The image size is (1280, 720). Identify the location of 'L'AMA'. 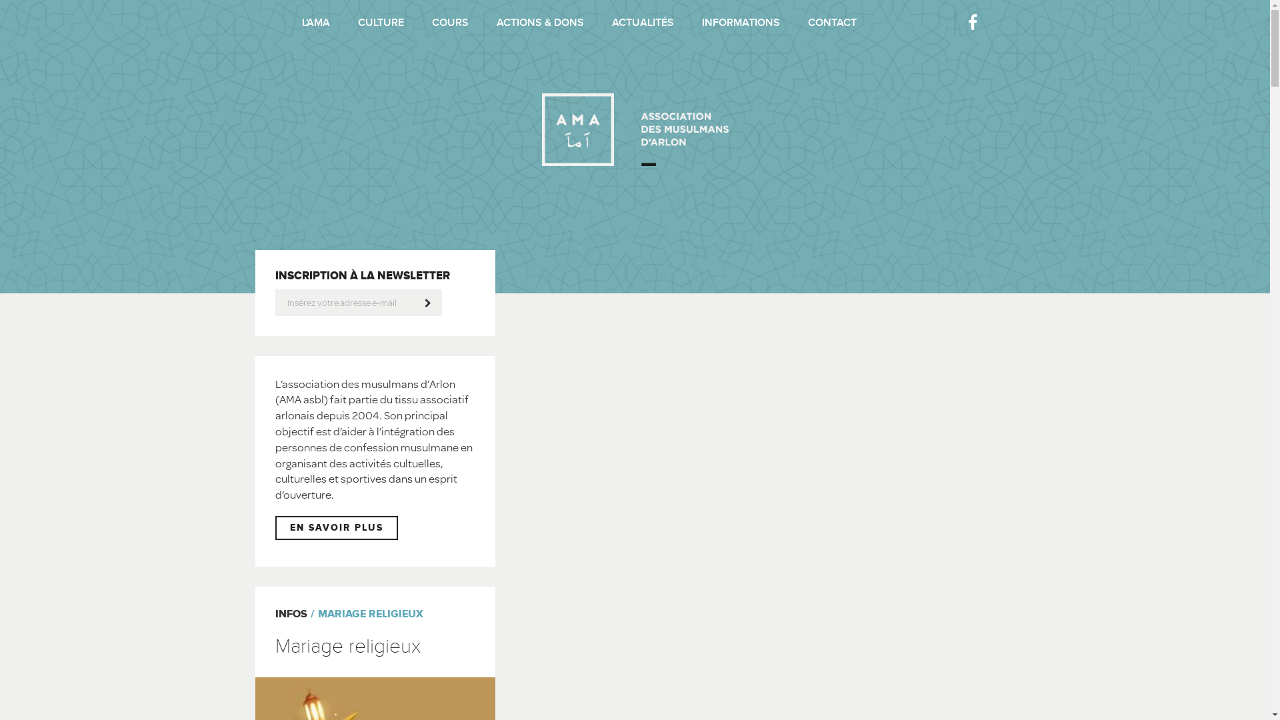
(315, 23).